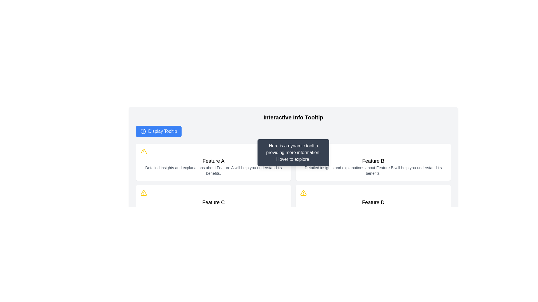  I want to click on the circular information icon with an 'i' symbol, which is located within the blue button labeled 'Display Tooltip' near the top left corner of the interface, so click(143, 131).